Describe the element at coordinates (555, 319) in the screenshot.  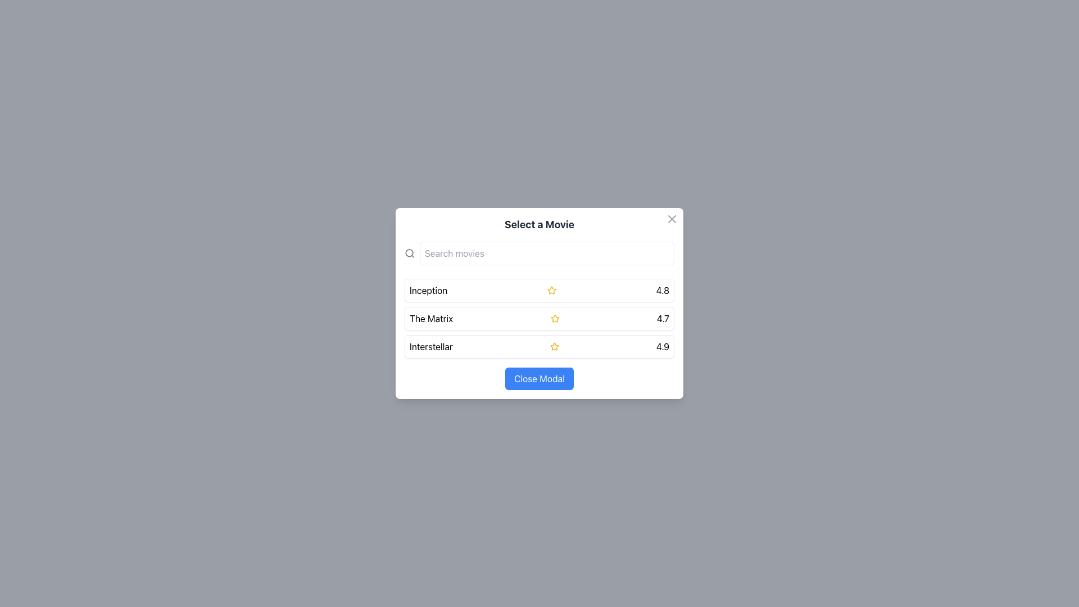
I see `the yellow star icon for rating located to the right of the title 'The Matrix' in the movie card` at that location.